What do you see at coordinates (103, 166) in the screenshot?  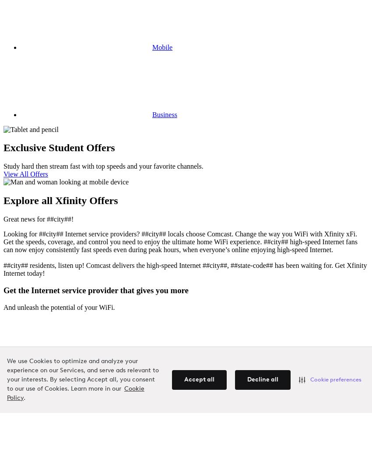 I see `'Study hard then stream fast with top speeds and your favorite channels.'` at bounding box center [103, 166].